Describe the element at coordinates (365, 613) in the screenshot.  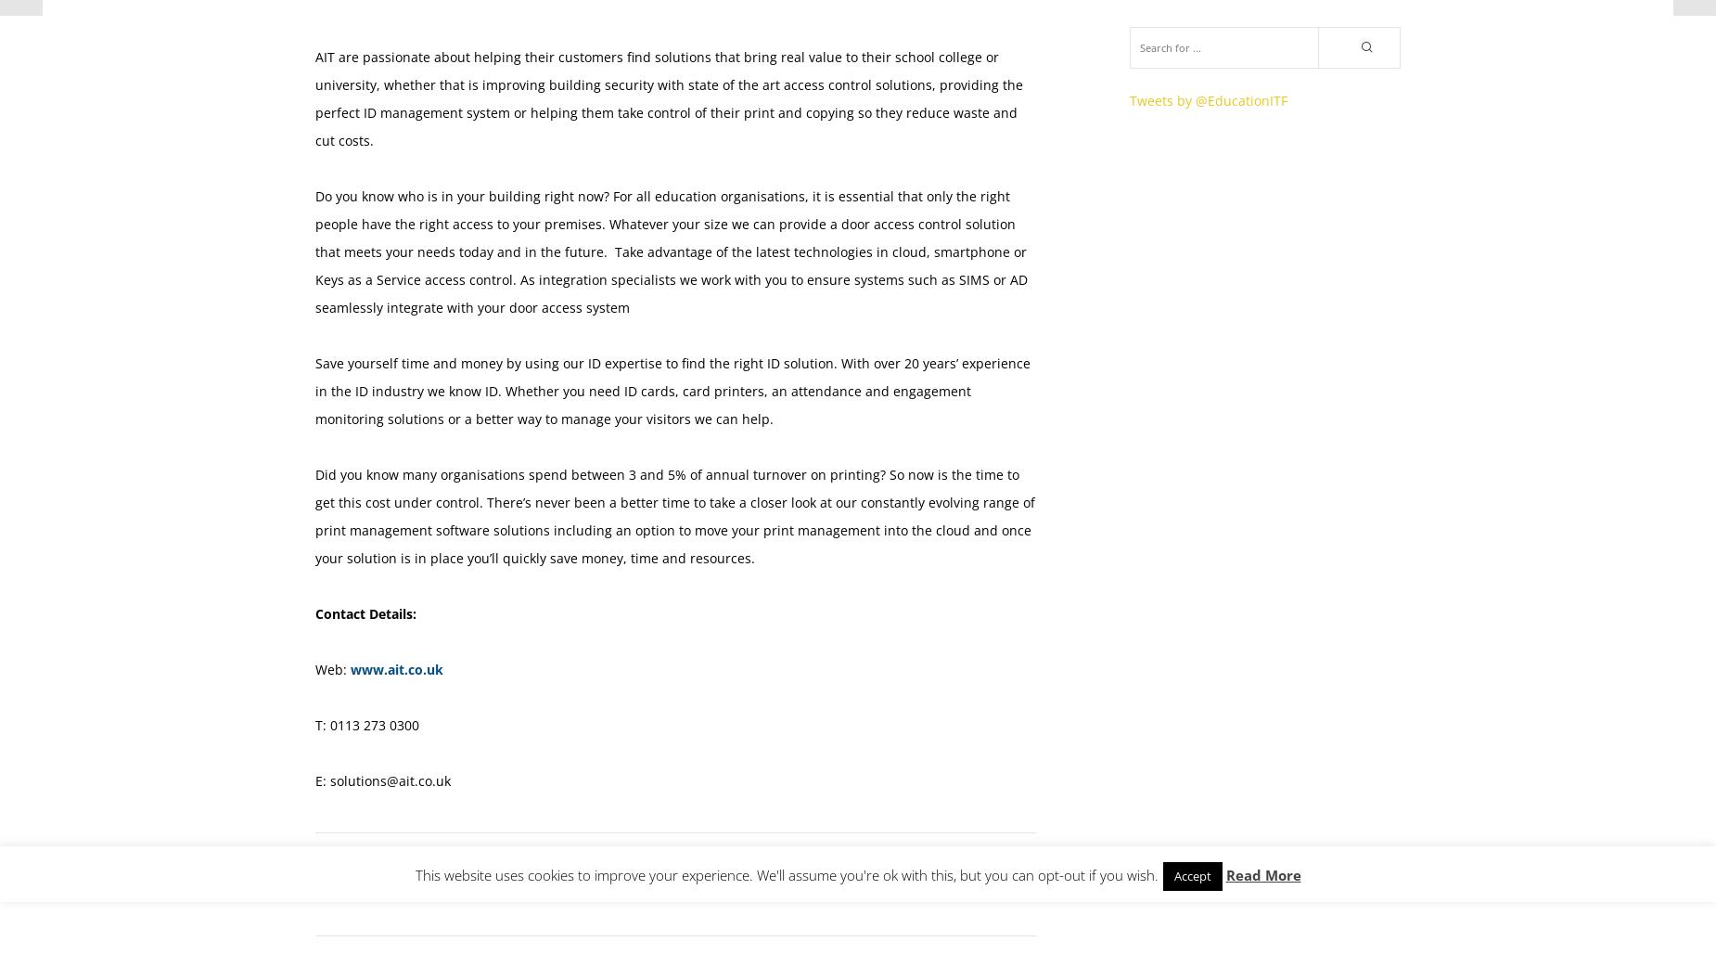
I see `'Contact Details:'` at that location.